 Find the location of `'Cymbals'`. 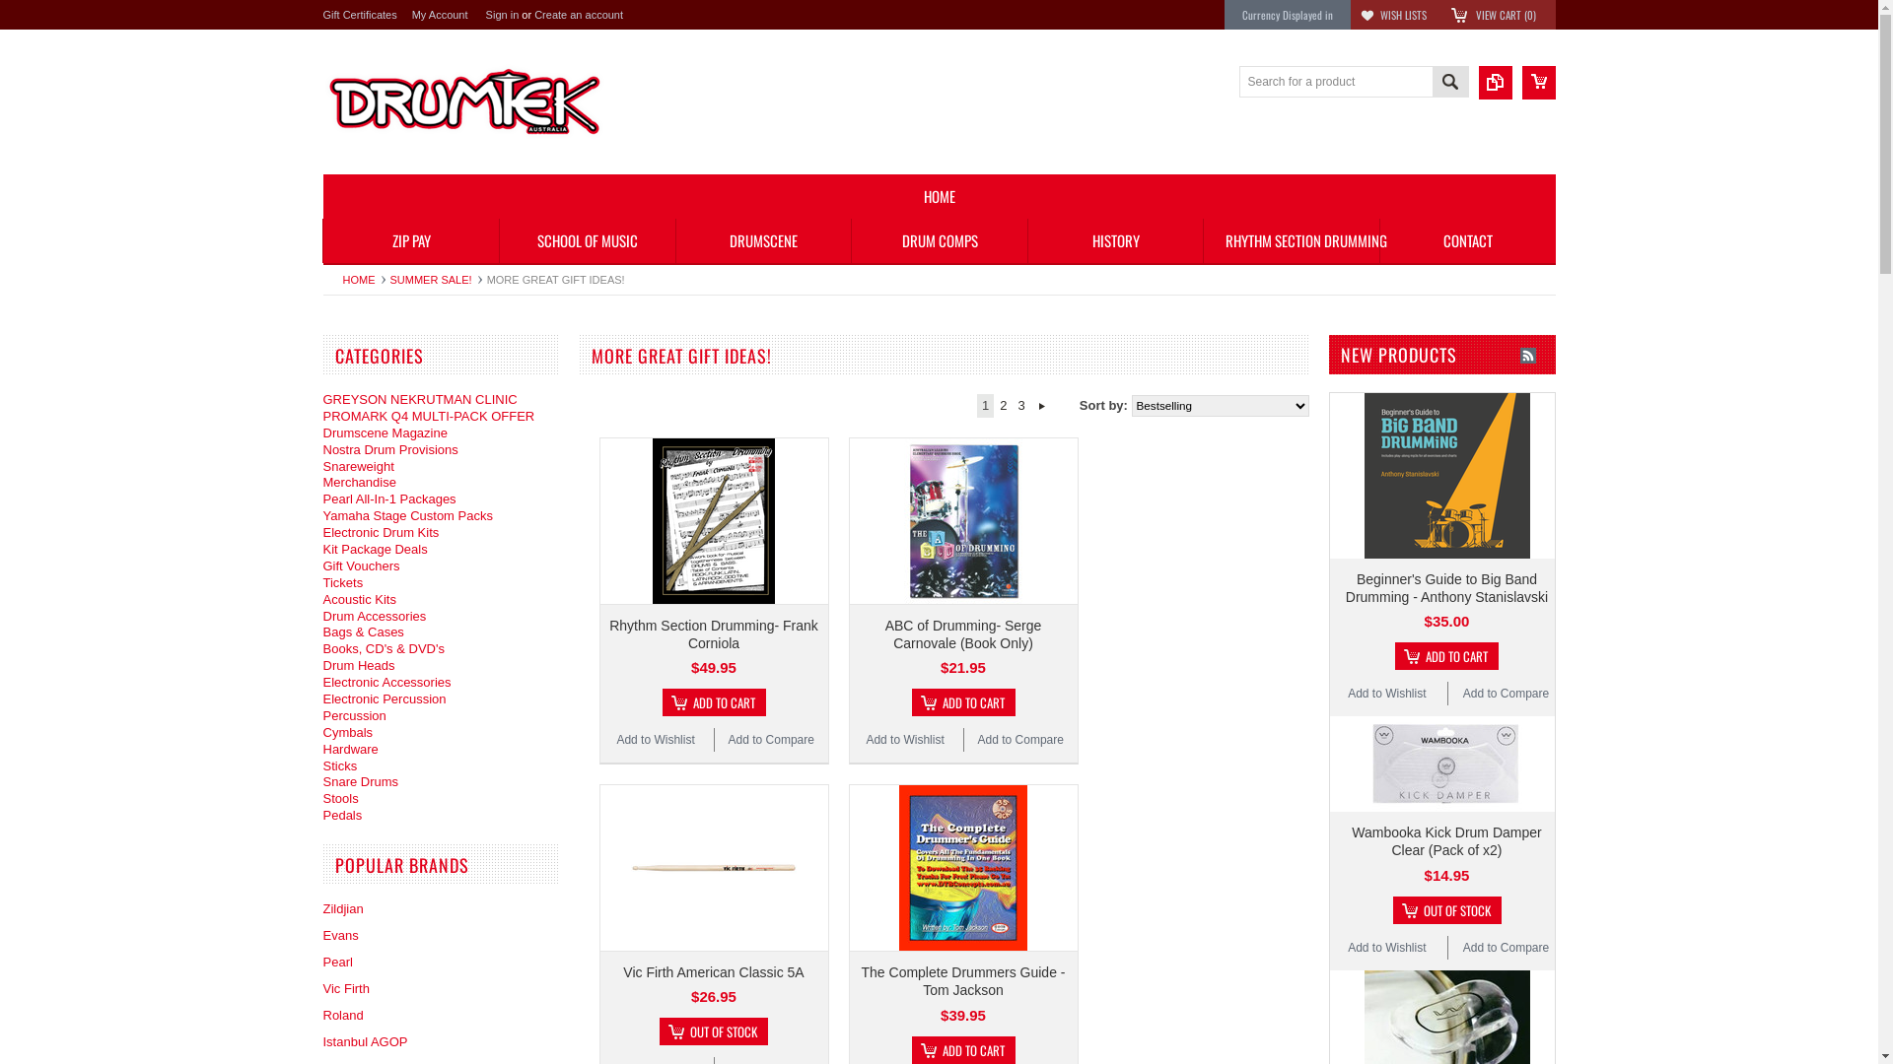

'Cymbals' is located at coordinates (348, 732).